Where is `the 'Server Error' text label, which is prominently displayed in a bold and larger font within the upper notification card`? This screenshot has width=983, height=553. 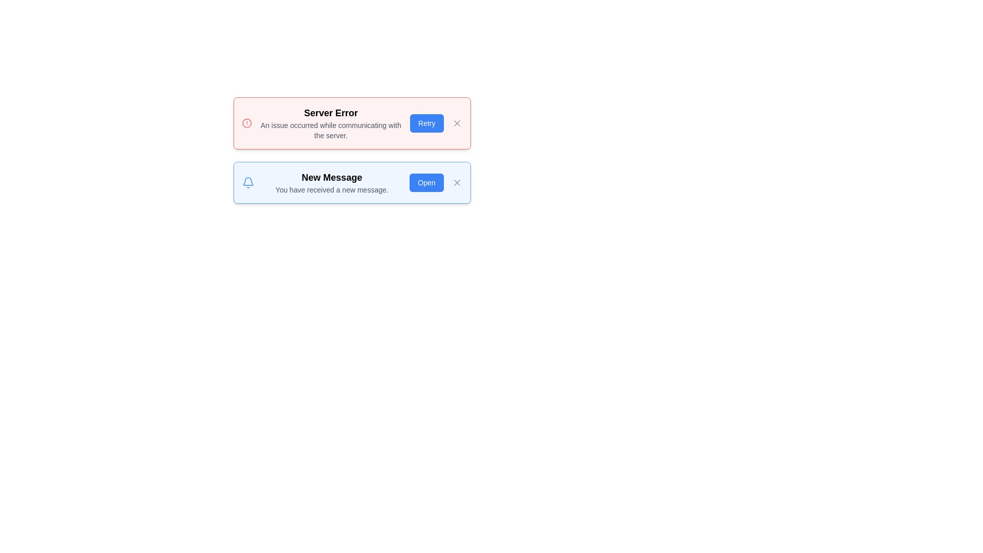
the 'Server Error' text label, which is prominently displayed in a bold and larger font within the upper notification card is located at coordinates (331, 113).